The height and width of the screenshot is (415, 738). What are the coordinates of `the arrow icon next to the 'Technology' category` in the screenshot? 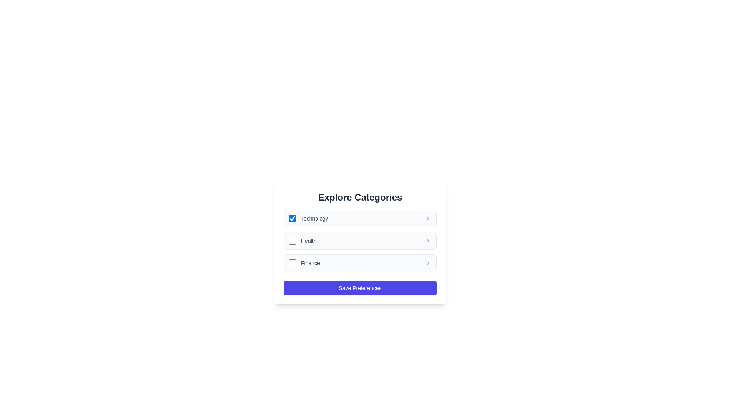 It's located at (427, 219).